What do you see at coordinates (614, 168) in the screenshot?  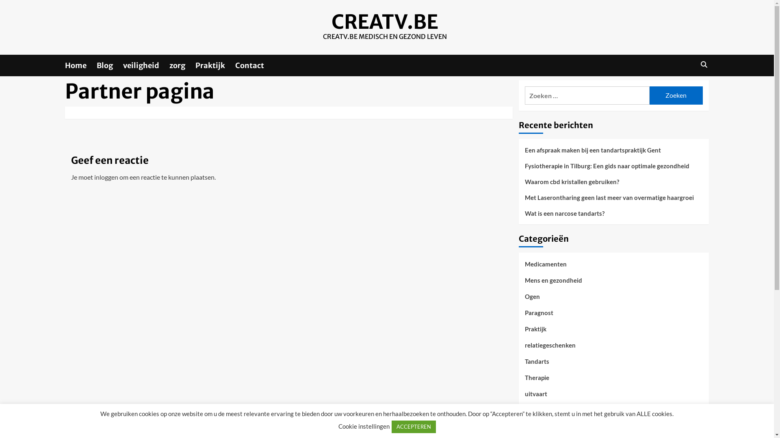 I see `'Fysiotherapie in Tilburg: Een gids naar optimale gezondheid'` at bounding box center [614, 168].